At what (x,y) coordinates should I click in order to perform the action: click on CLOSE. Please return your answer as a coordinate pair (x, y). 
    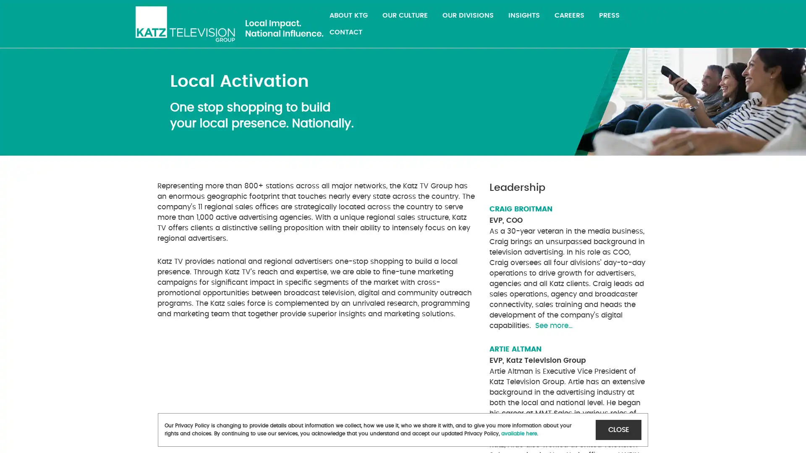
    Looking at the image, I should click on (618, 430).